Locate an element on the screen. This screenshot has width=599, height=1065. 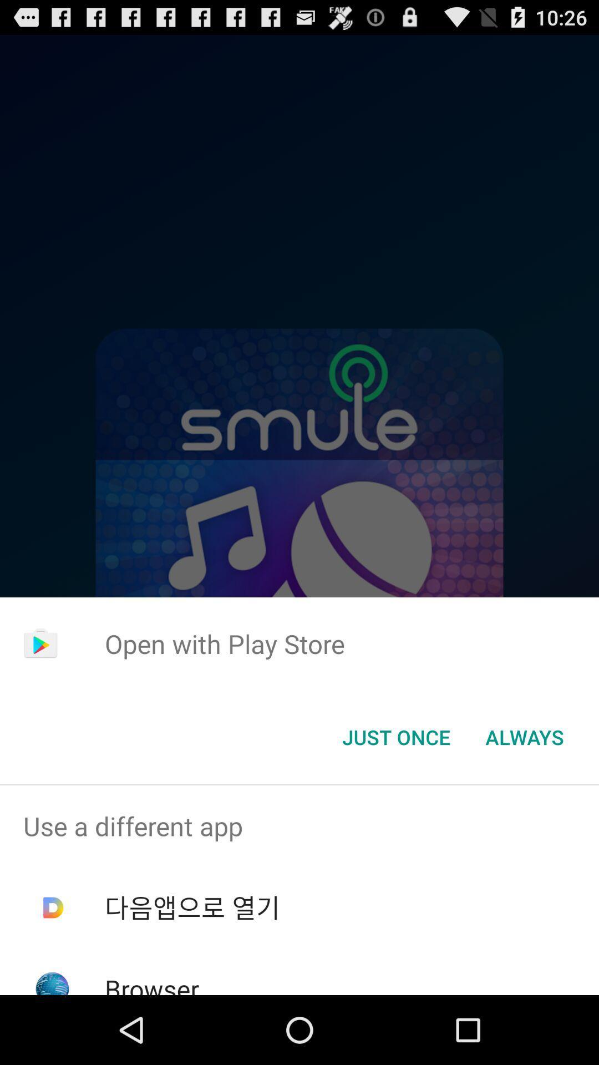
item next to always item is located at coordinates (395, 737).